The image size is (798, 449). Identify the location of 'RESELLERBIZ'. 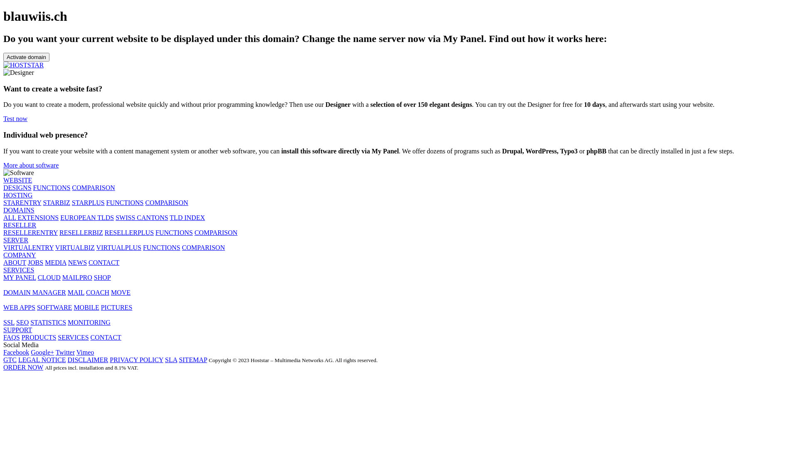
(59, 232).